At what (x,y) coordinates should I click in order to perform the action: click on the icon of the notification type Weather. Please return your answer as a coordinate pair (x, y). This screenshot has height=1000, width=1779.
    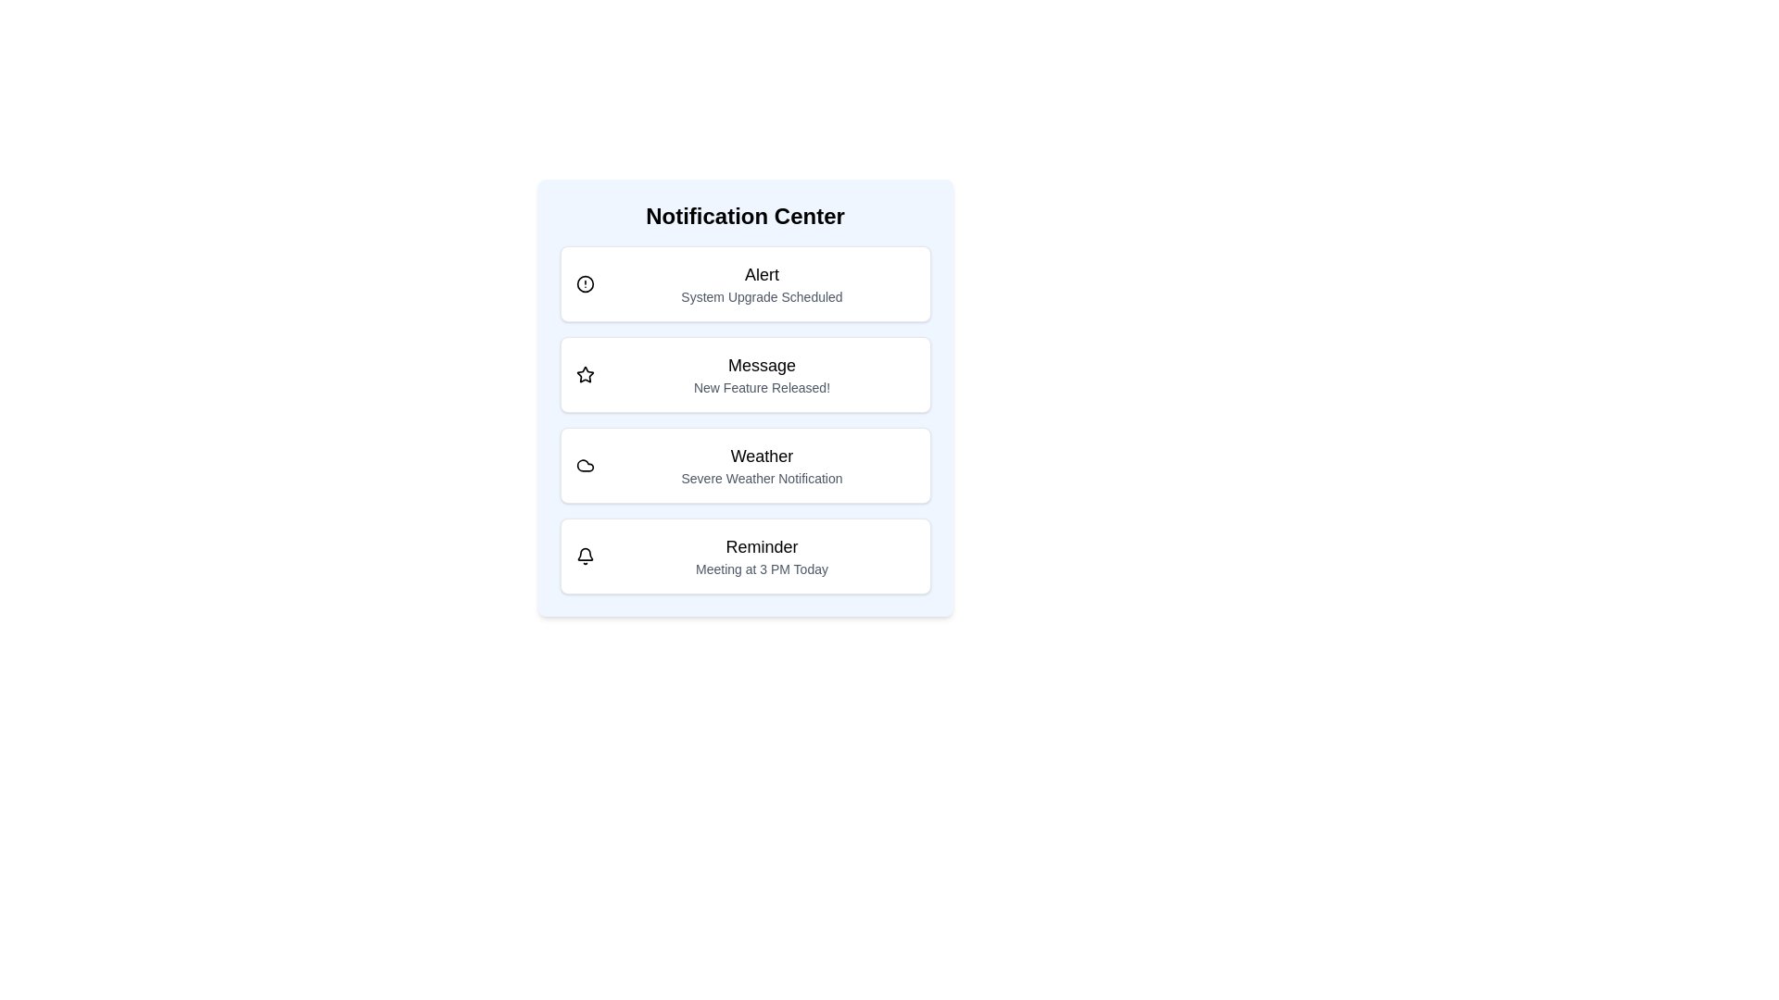
    Looking at the image, I should click on (584, 464).